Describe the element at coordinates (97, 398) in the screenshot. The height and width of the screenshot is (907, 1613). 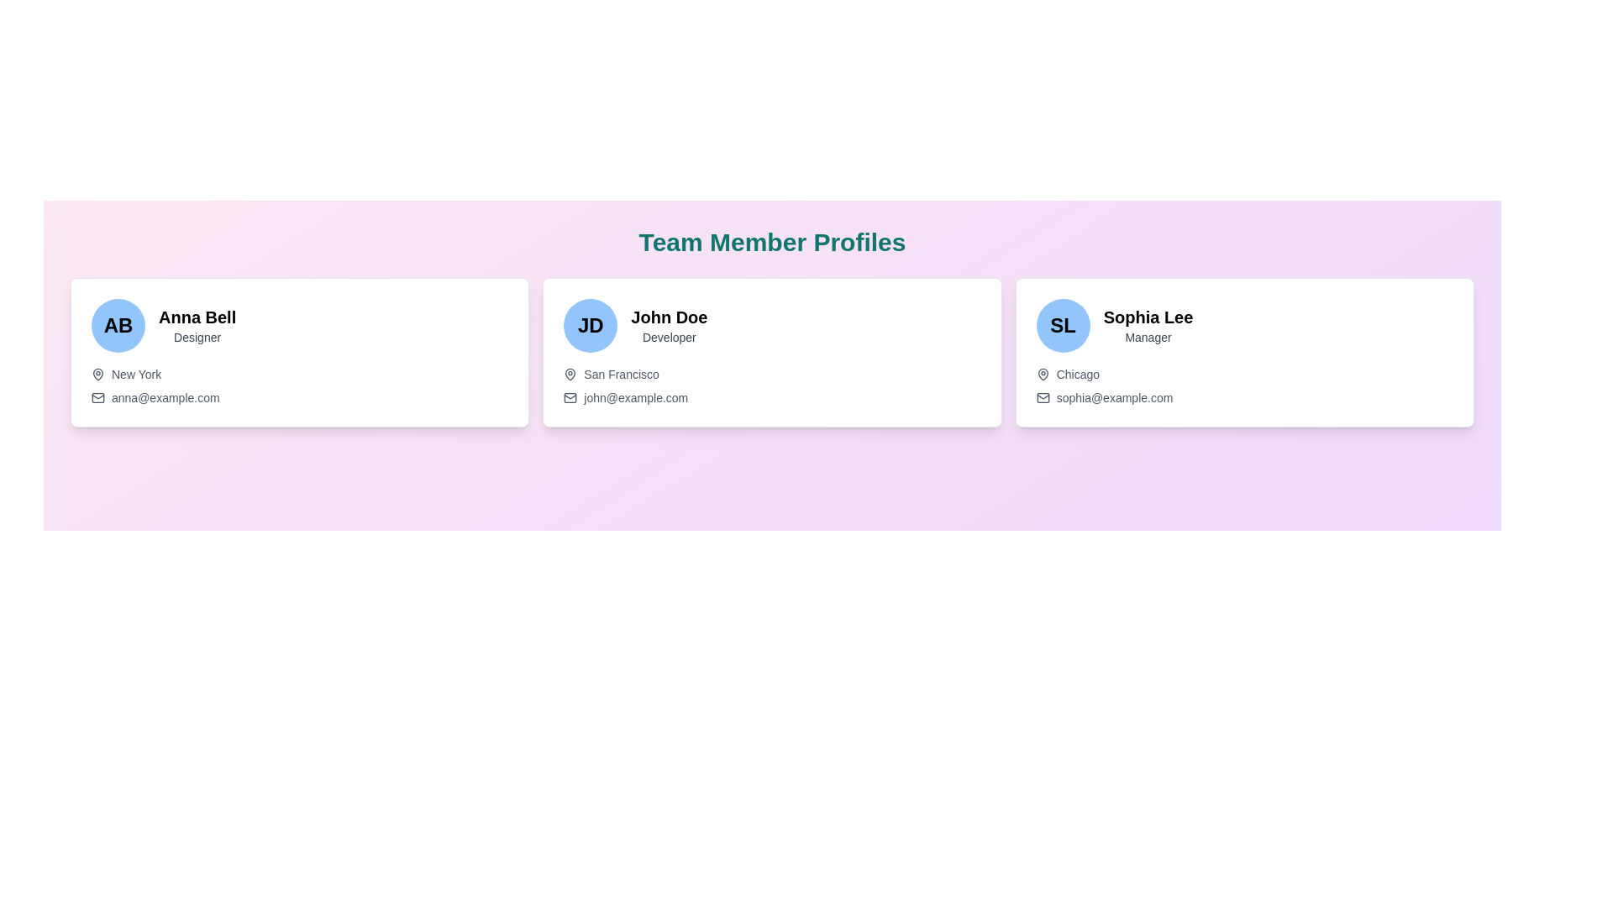
I see `the main body of the email icon represented by an SVG rectangle within Anna Bell's profile card` at that location.